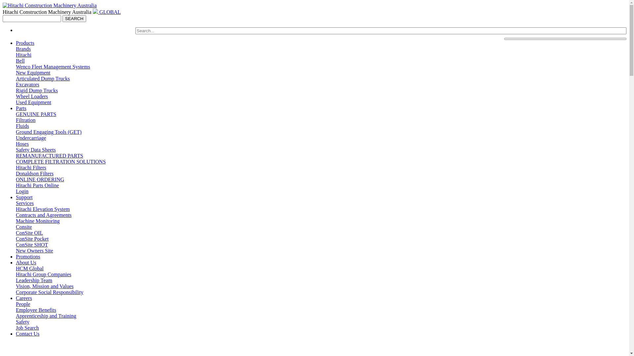  Describe the element at coordinates (36, 90) in the screenshot. I see `'Rigid Dump Trucks'` at that location.